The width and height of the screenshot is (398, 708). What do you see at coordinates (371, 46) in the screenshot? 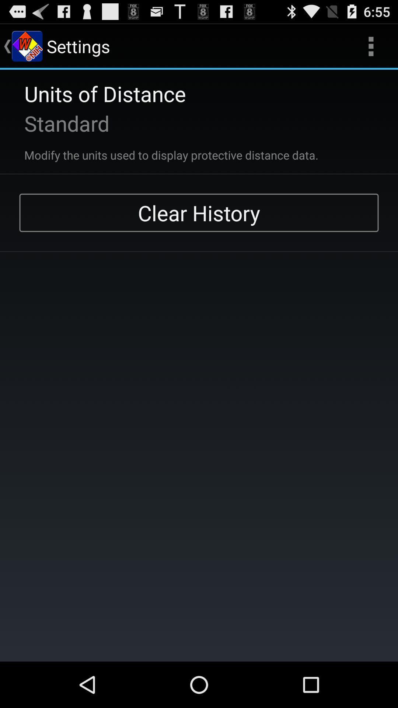
I see `the item at the top right corner` at bounding box center [371, 46].